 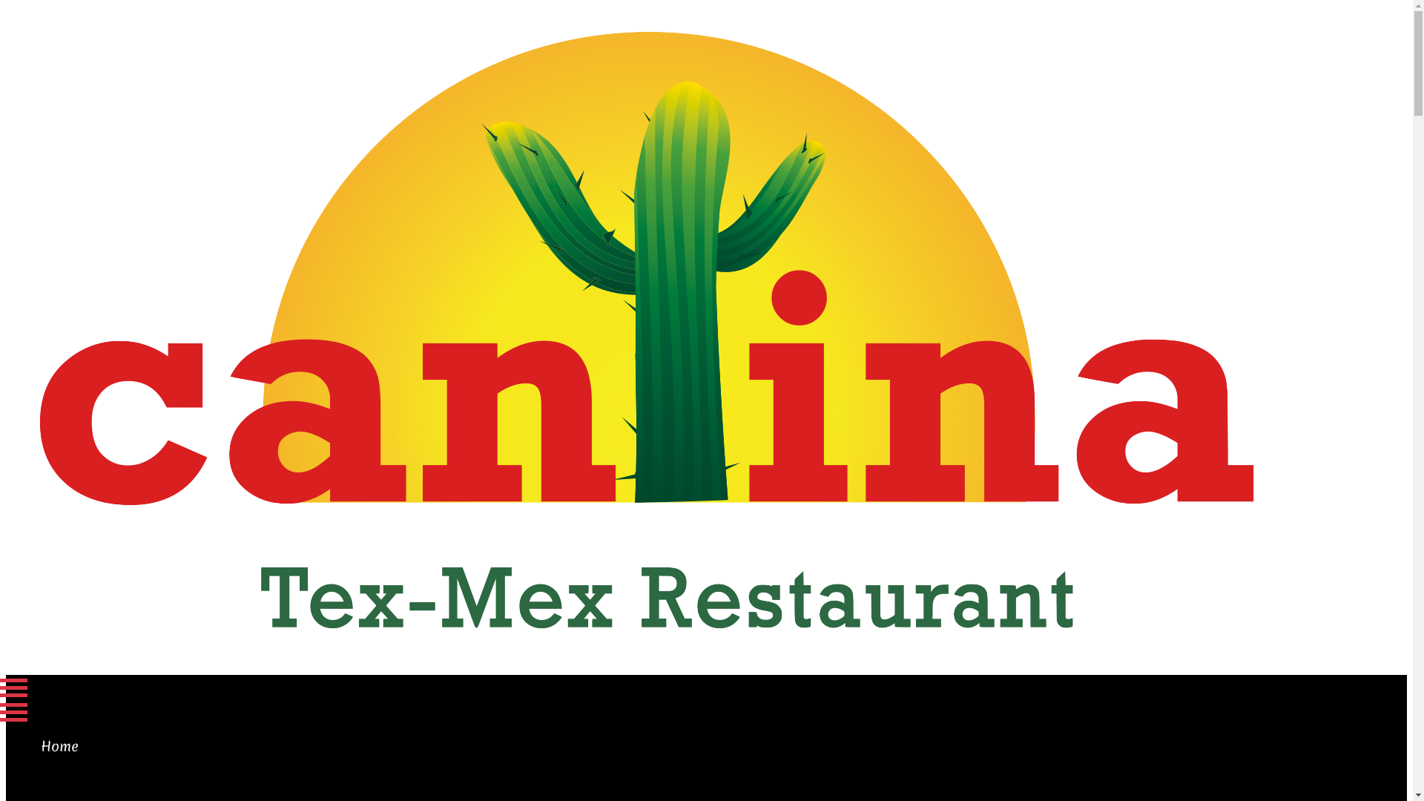 What do you see at coordinates (0, 688) in the screenshot?
I see `'Menu'` at bounding box center [0, 688].